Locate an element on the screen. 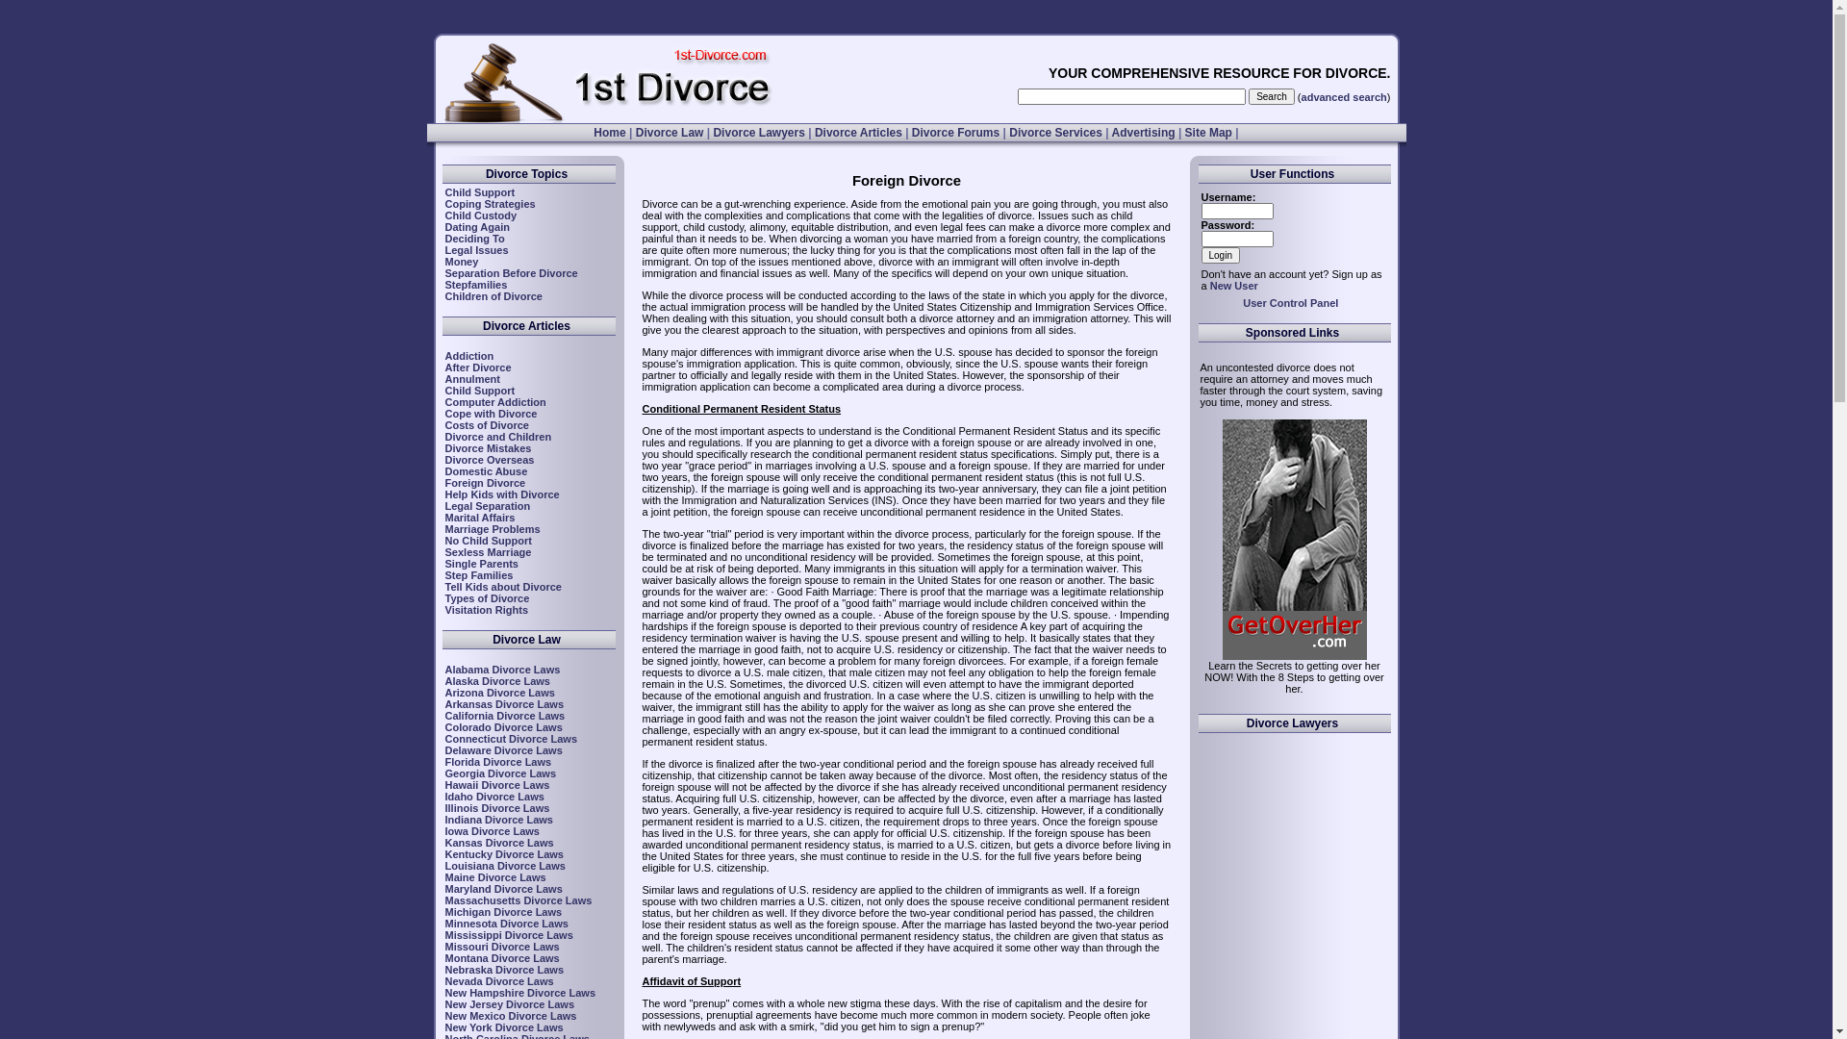  'Stepfamilies' is located at coordinates (443, 285).